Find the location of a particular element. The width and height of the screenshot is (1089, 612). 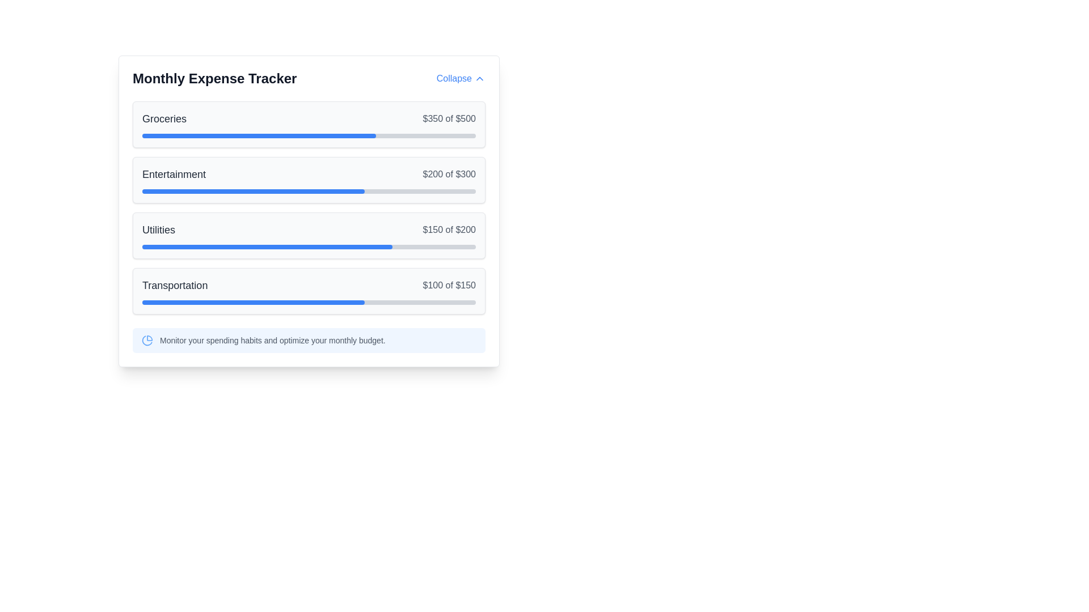

the Budget Summary Component that tracks the 'Groceries' category, which is the first entry in the Monthly Expense Tracker list is located at coordinates (309, 124).